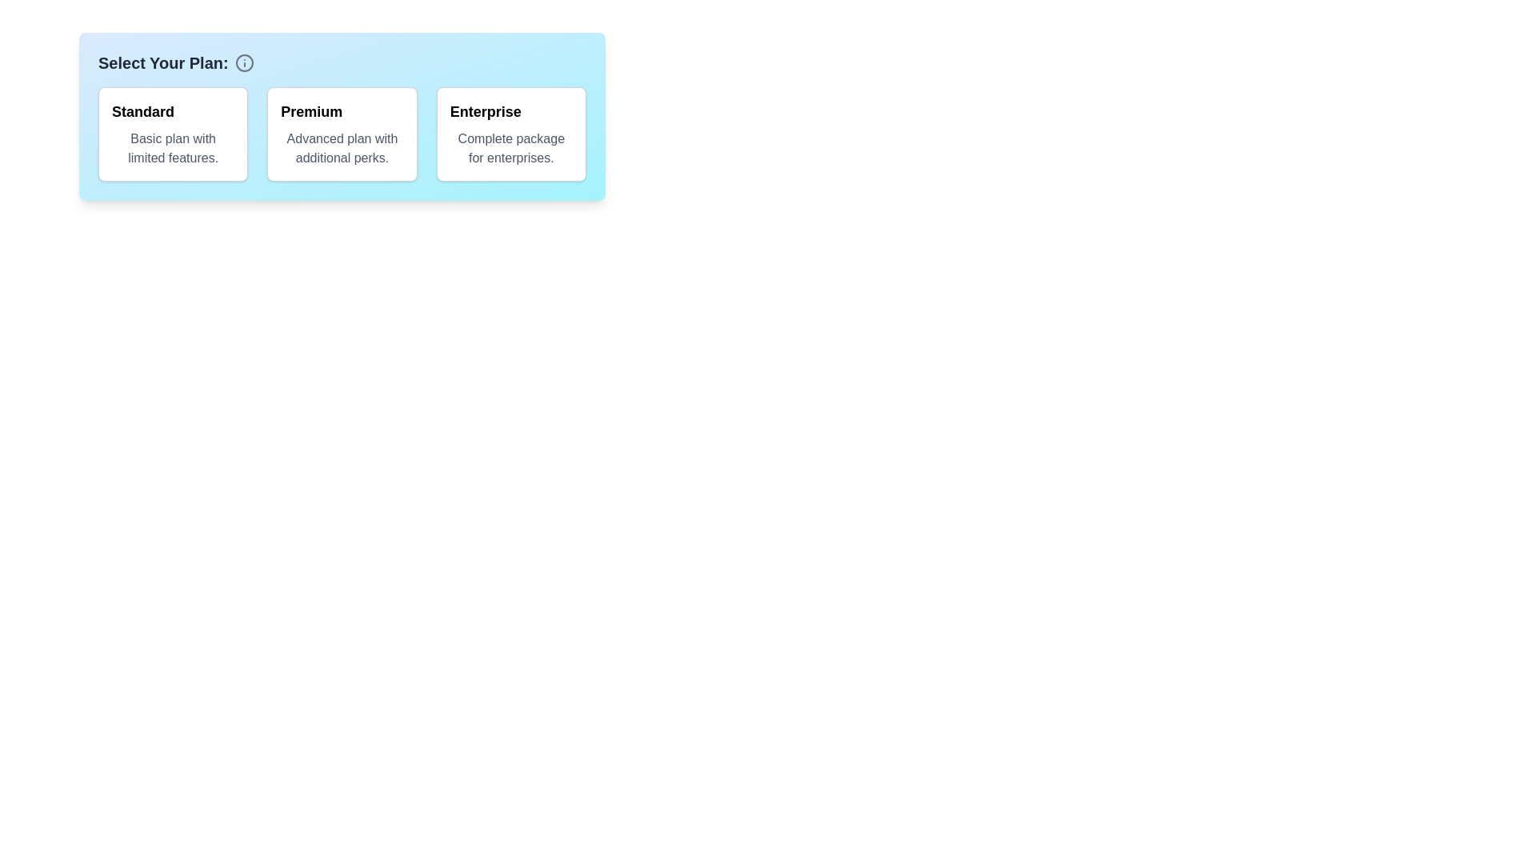 This screenshot has height=864, width=1536. Describe the element at coordinates (173, 134) in the screenshot. I see `the selectable card representing the 'Standard' plan, which is the first card in the row under the header 'Select Your Plan:'` at that location.